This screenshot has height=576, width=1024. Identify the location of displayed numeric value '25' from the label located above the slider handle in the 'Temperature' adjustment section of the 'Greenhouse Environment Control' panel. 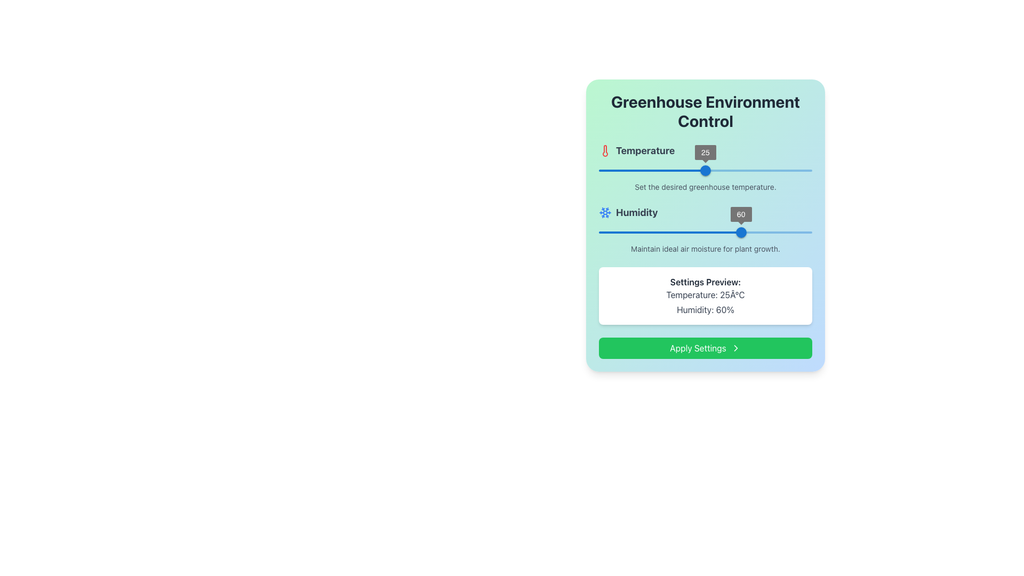
(706, 152).